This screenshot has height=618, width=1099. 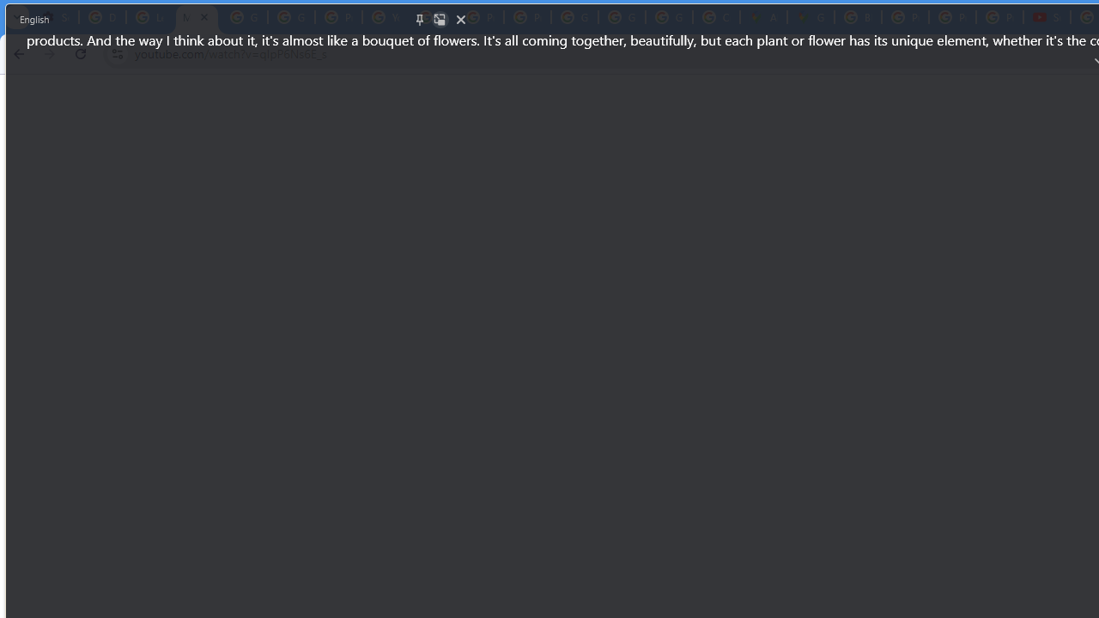 I want to click on 'Delete photos & videos - Computer - Google Photos Help', so click(x=101, y=17).